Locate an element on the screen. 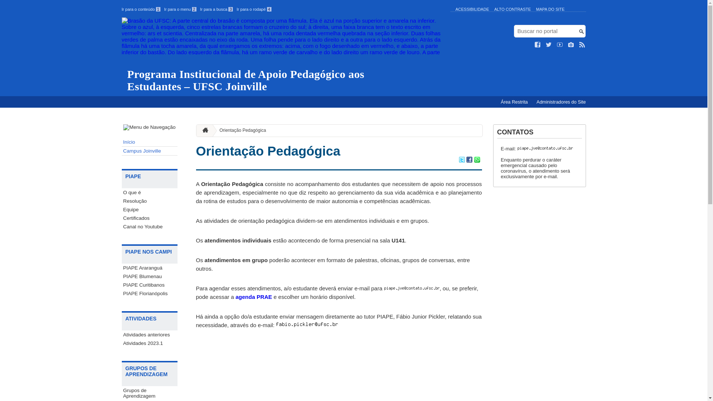  'Canal no Youtube' is located at coordinates (149, 226).